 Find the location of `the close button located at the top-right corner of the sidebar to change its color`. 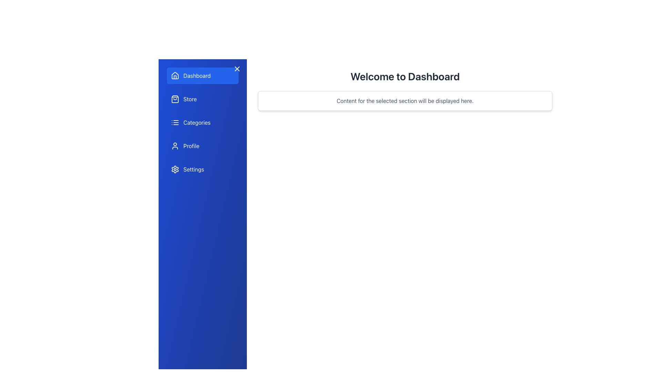

the close button located at the top-right corner of the sidebar to change its color is located at coordinates (237, 69).